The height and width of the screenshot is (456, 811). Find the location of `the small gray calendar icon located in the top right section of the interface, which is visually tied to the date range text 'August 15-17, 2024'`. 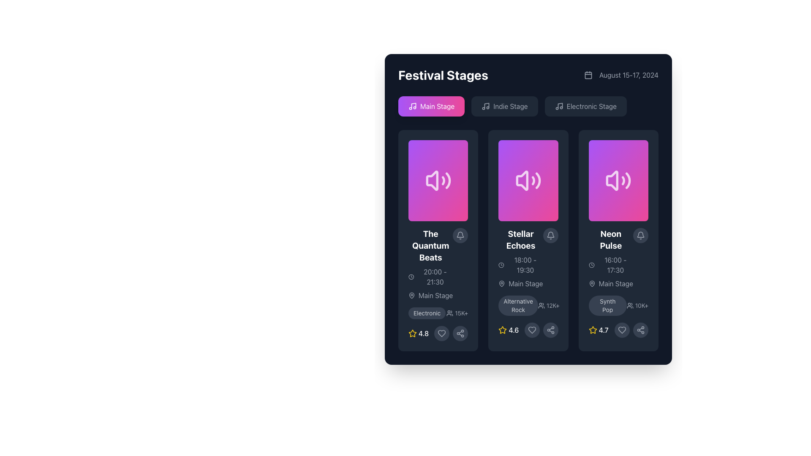

the small gray calendar icon located in the top right section of the interface, which is visually tied to the date range text 'August 15-17, 2024' is located at coordinates (588, 74).